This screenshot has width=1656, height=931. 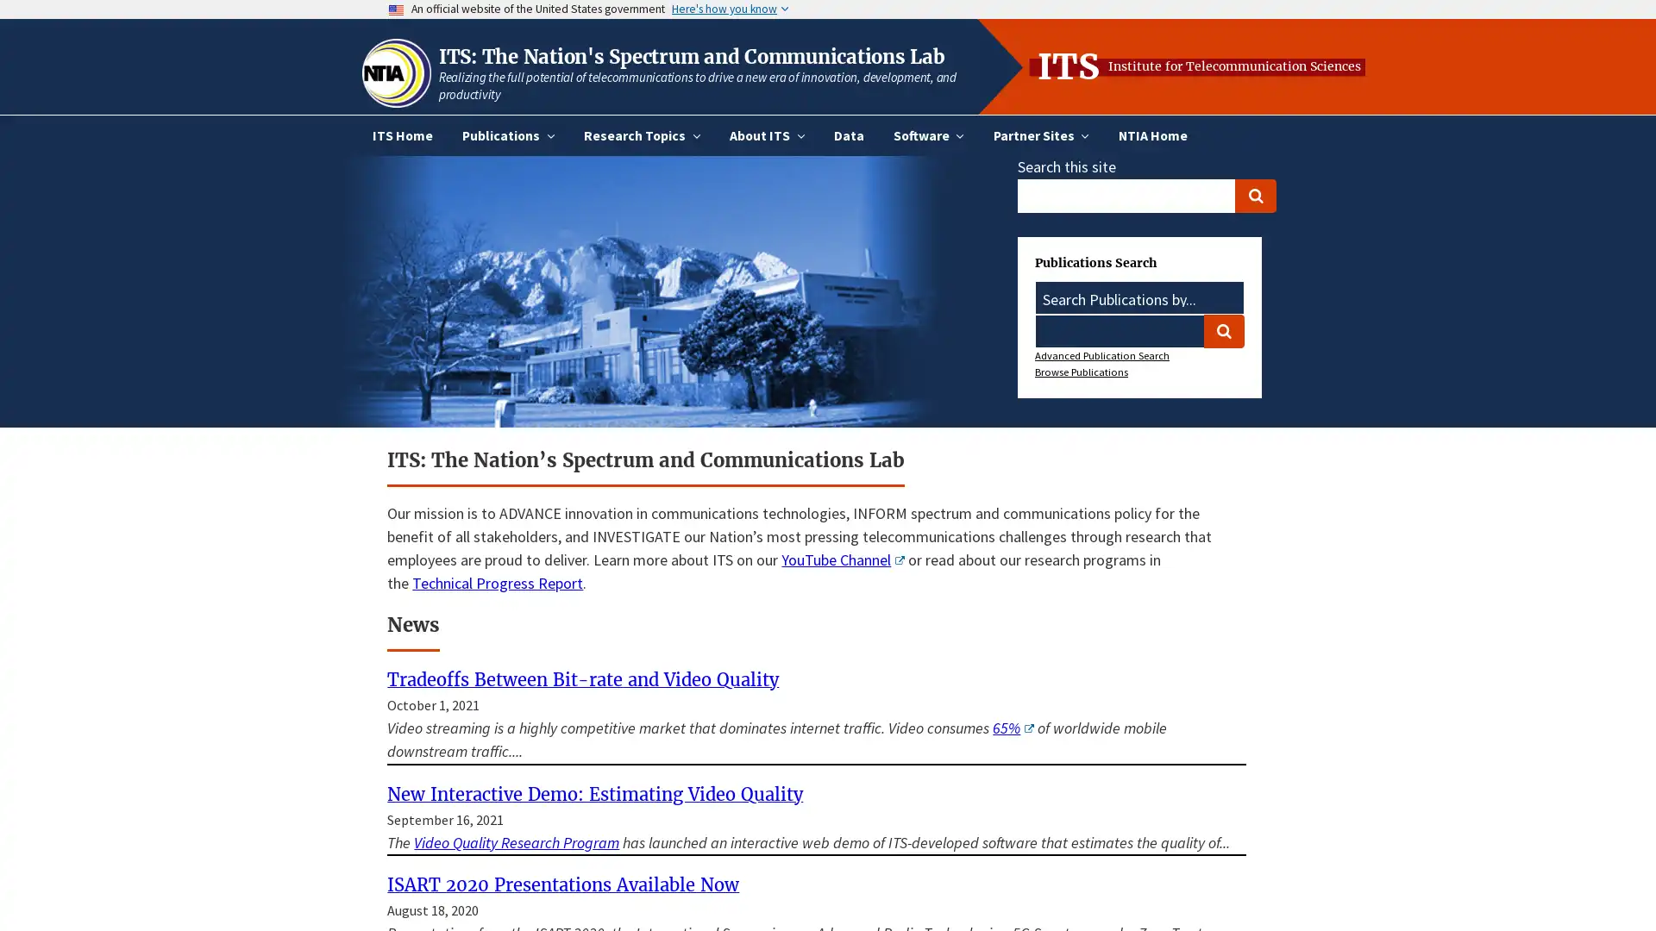 What do you see at coordinates (1039, 134) in the screenshot?
I see `Partner Sites` at bounding box center [1039, 134].